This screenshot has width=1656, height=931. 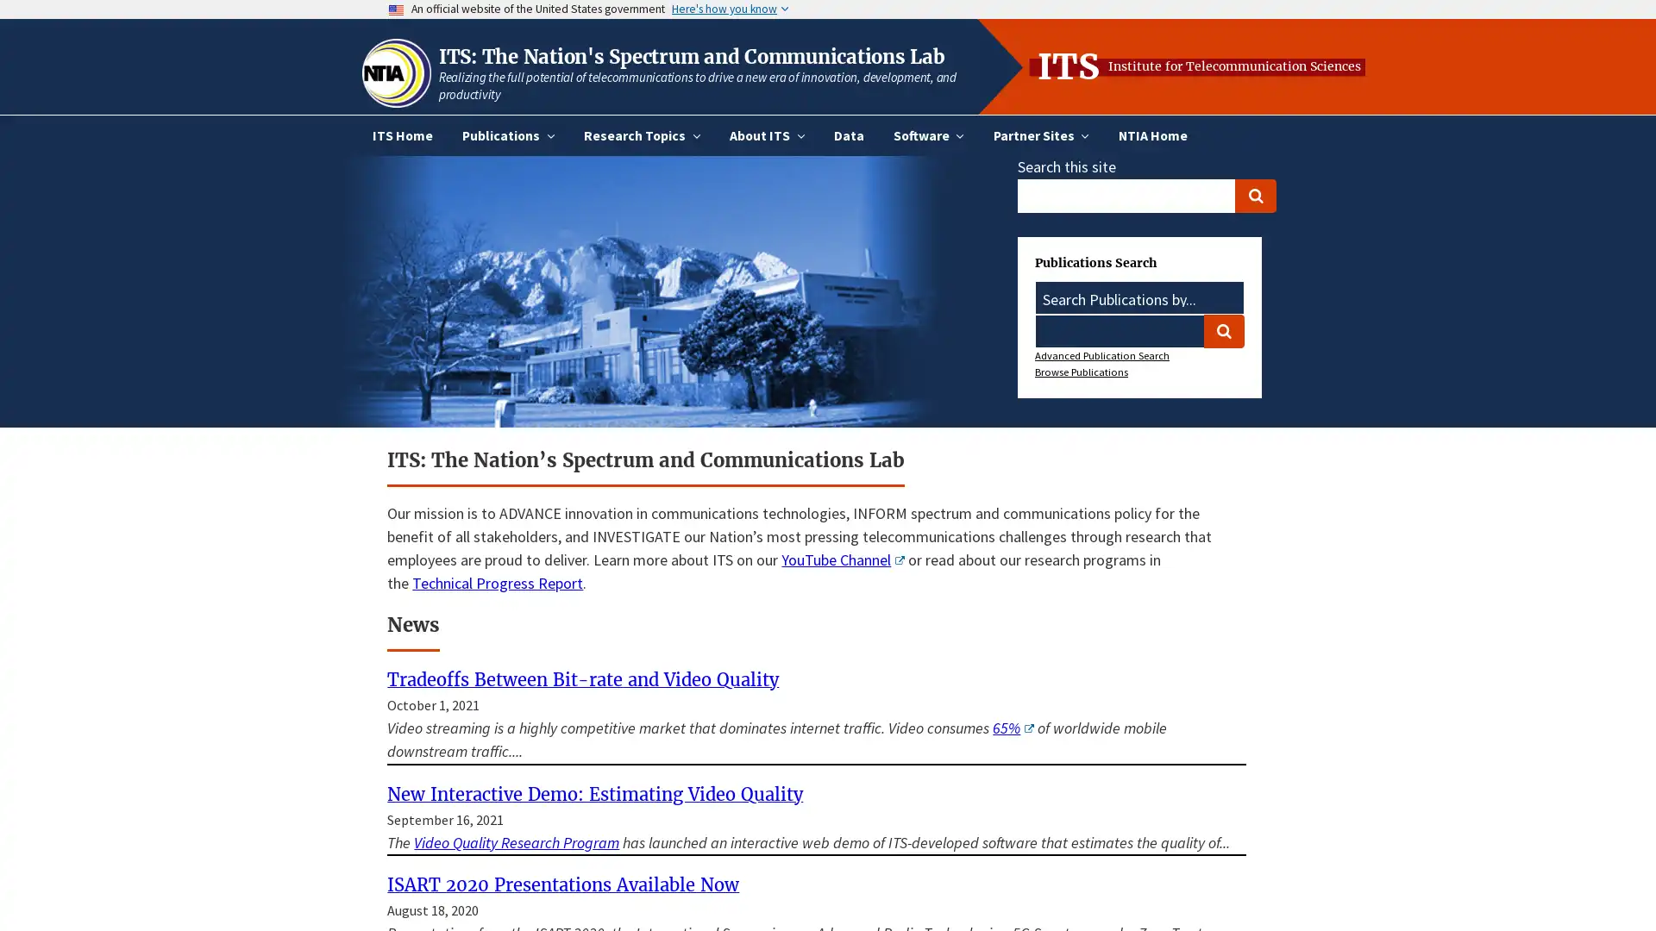 What do you see at coordinates (1039, 134) in the screenshot?
I see `Partner Sites` at bounding box center [1039, 134].